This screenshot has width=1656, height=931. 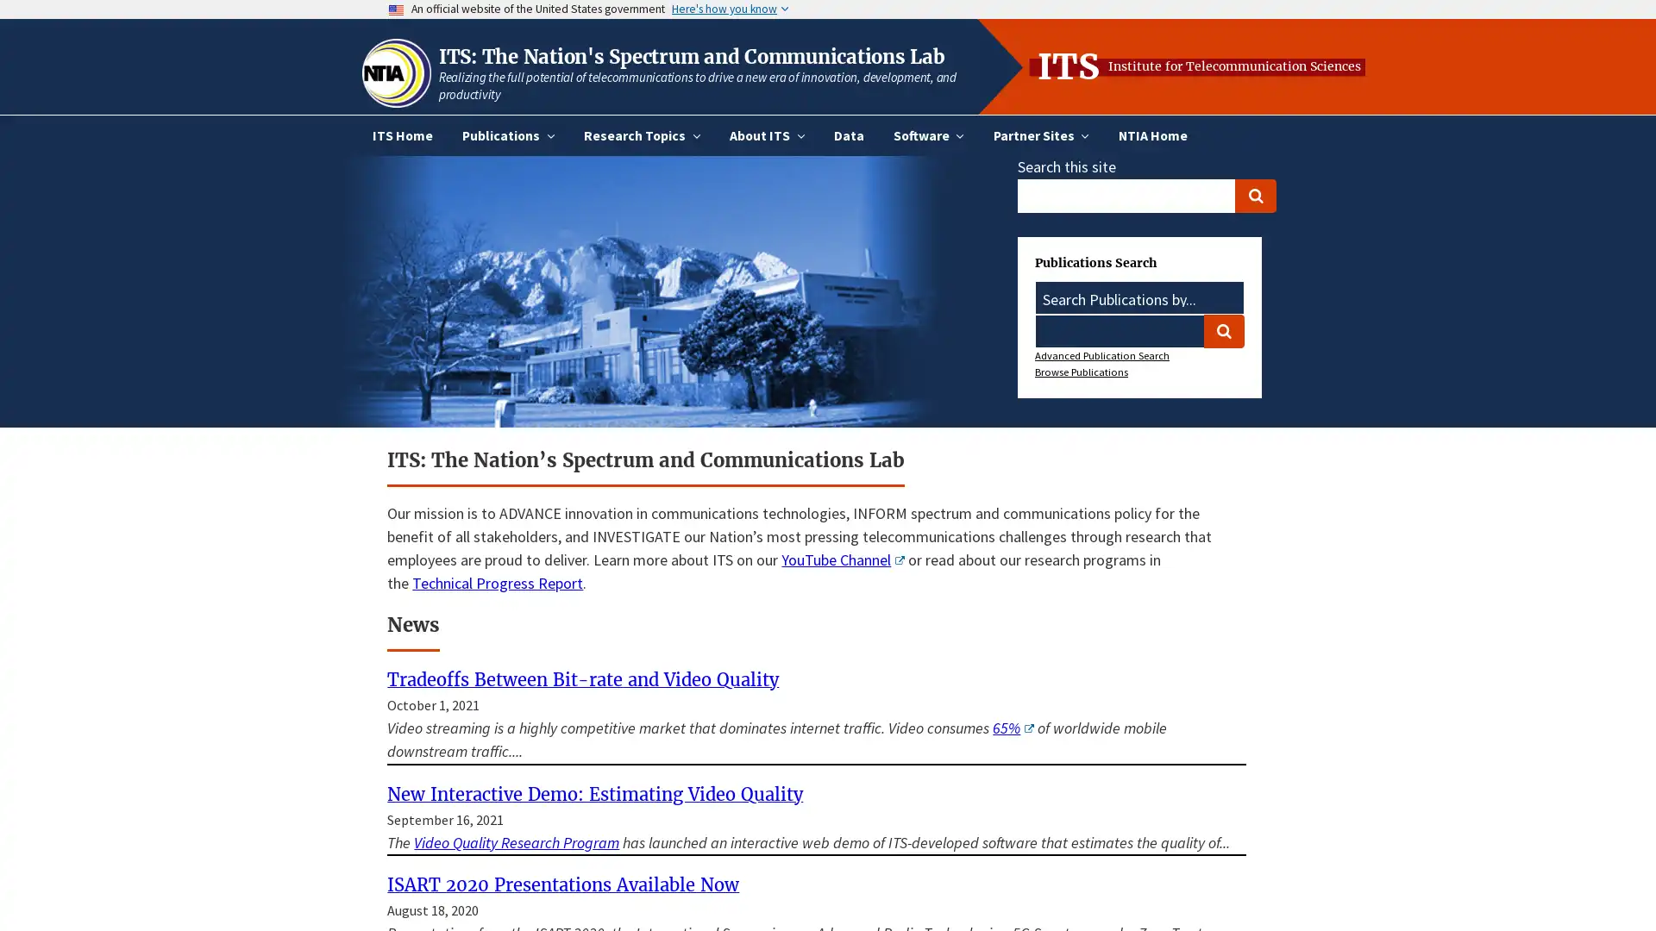 What do you see at coordinates (1039, 134) in the screenshot?
I see `Partner Sites` at bounding box center [1039, 134].